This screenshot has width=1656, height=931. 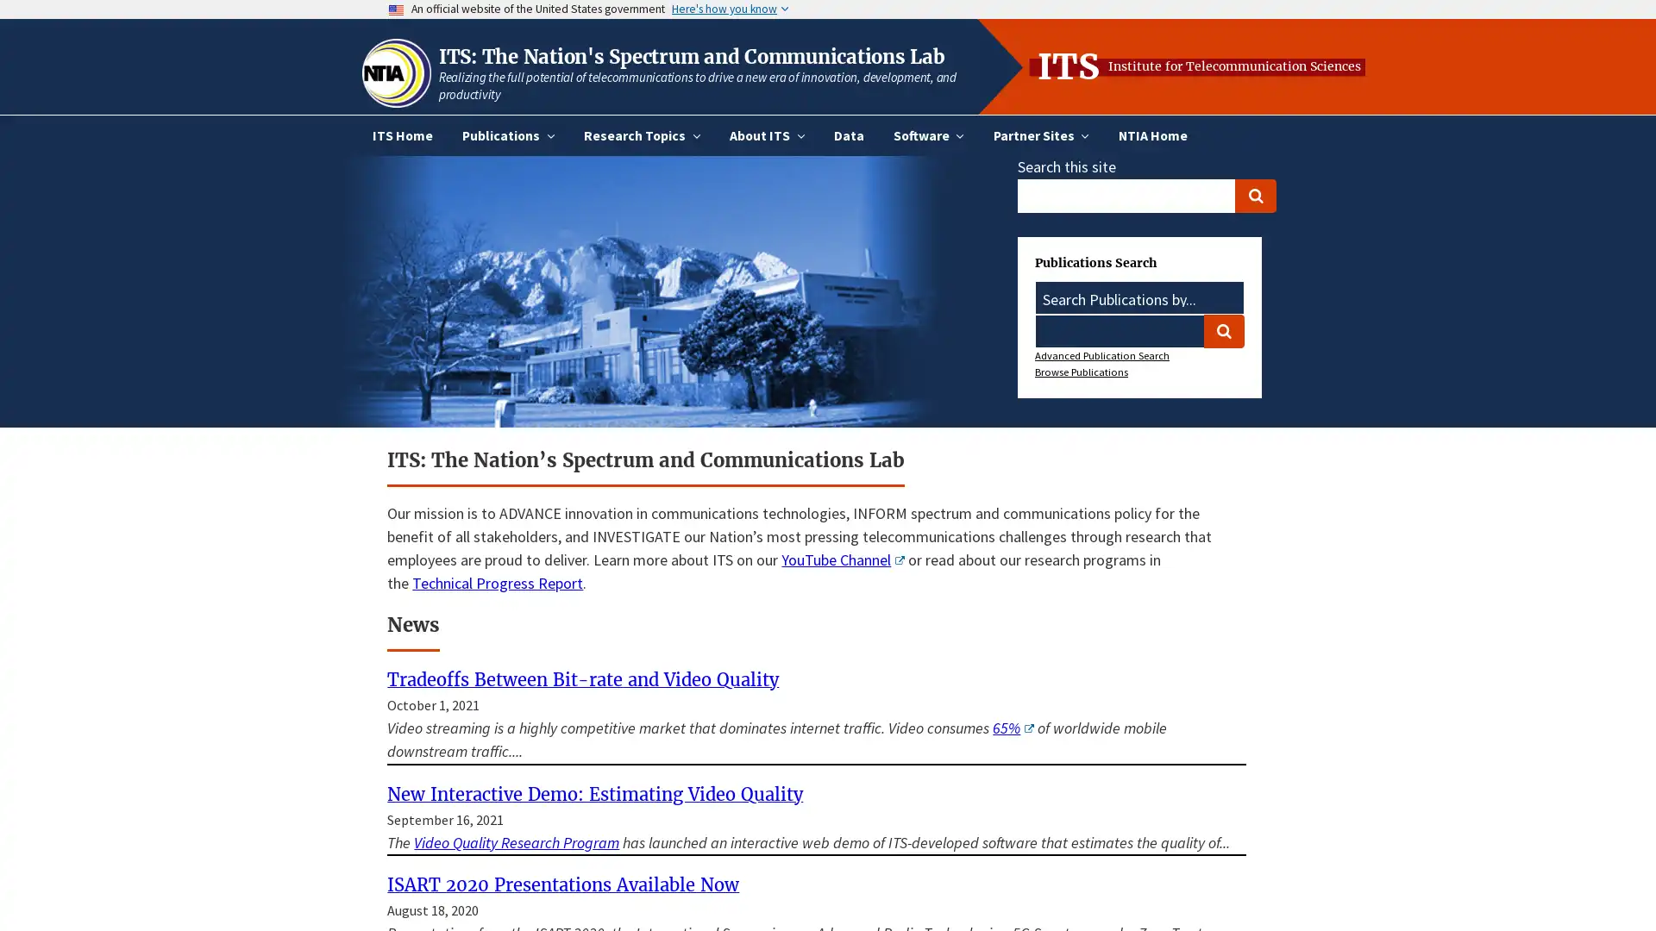 What do you see at coordinates (1039, 134) in the screenshot?
I see `Partner Sites` at bounding box center [1039, 134].